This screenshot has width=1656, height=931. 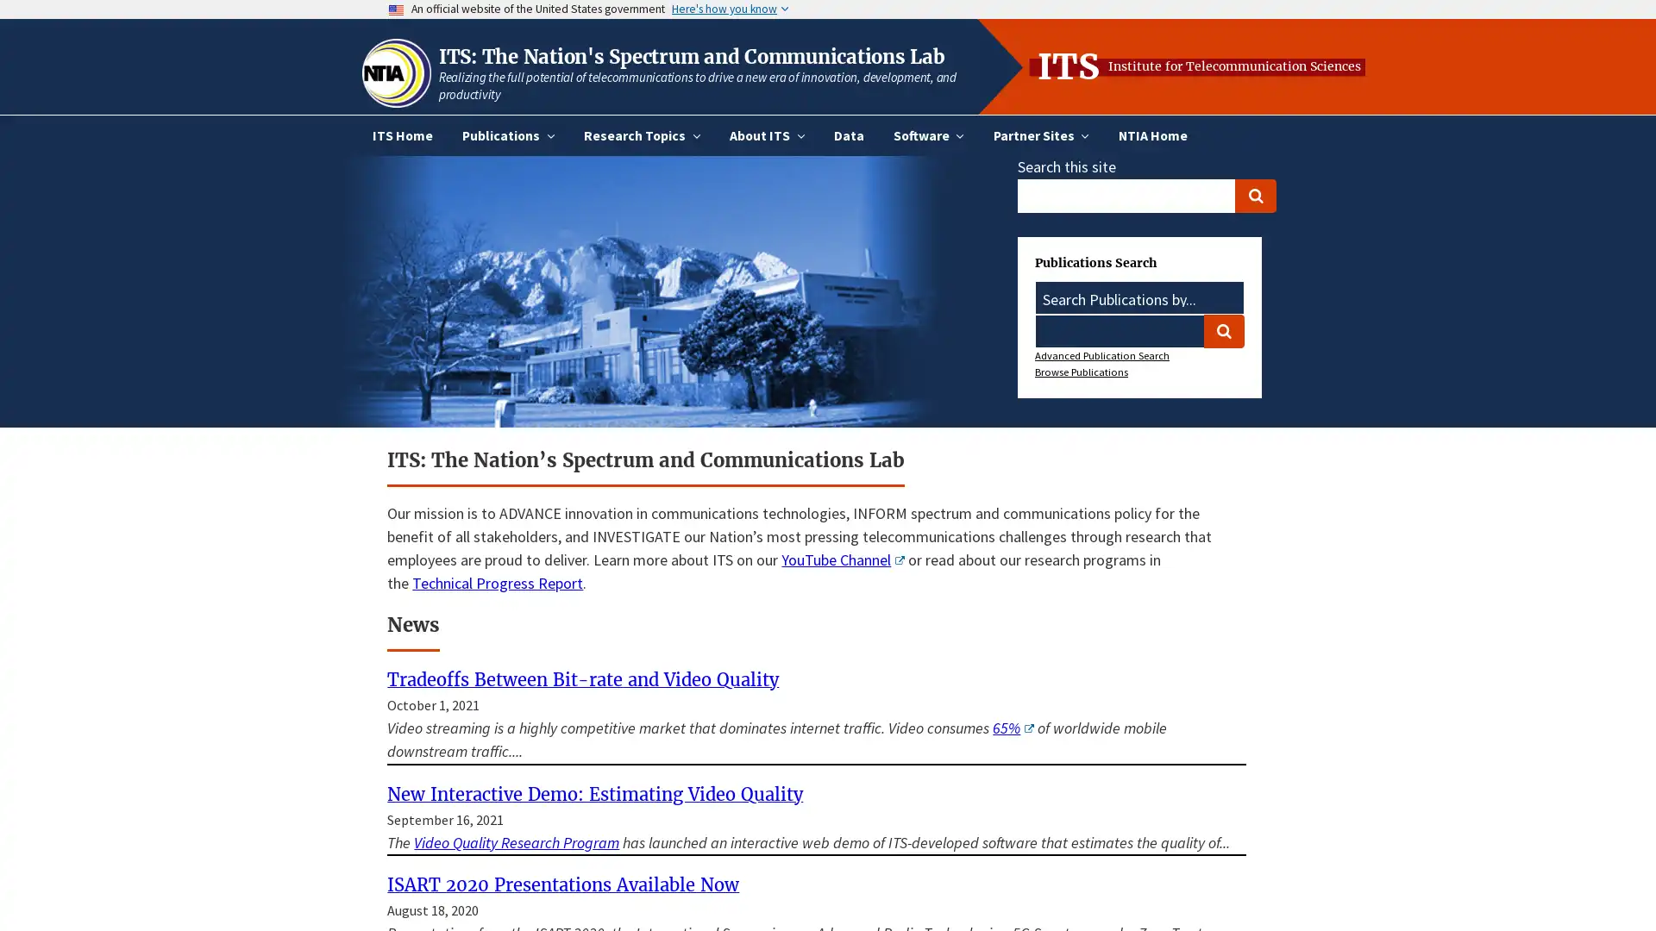 What do you see at coordinates (1039, 134) in the screenshot?
I see `Partner Sites` at bounding box center [1039, 134].